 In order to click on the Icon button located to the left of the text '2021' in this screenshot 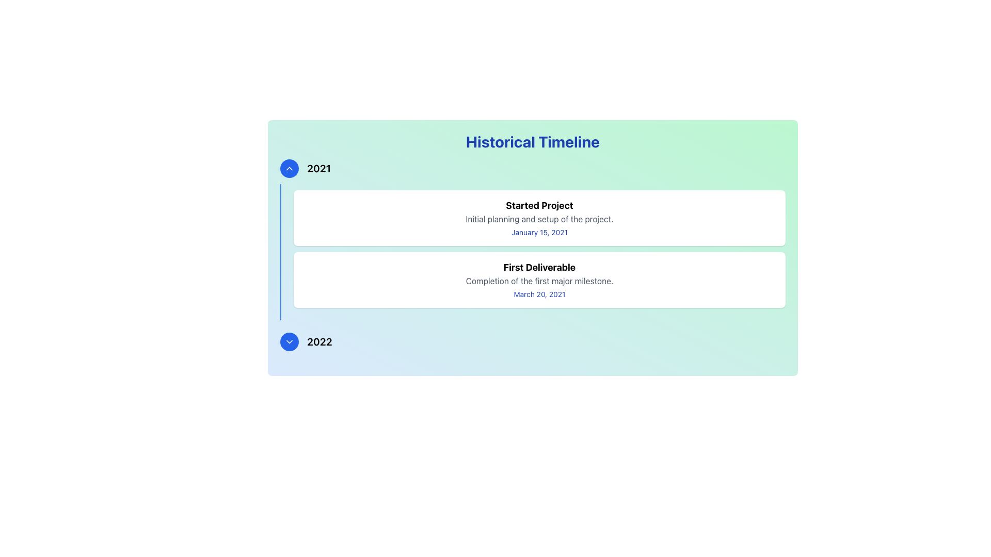, I will do `click(289, 168)`.